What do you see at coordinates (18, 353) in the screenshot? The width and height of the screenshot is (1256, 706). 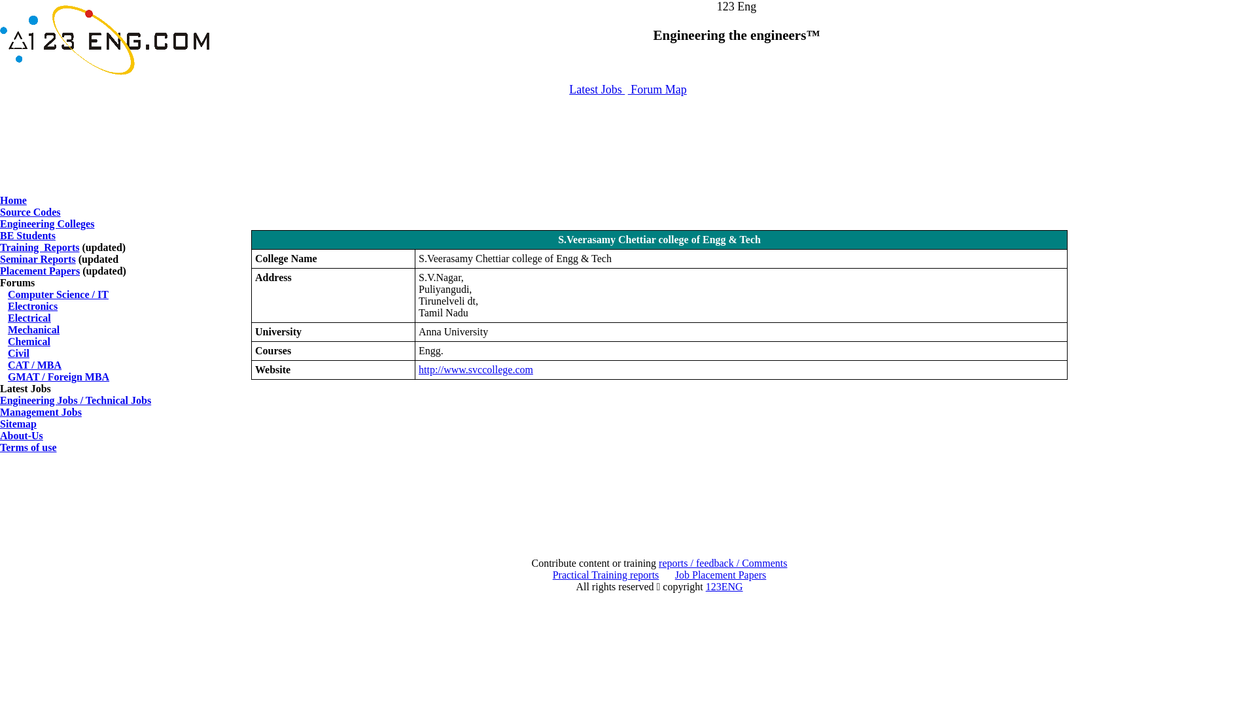 I see `'Civil'` at bounding box center [18, 353].